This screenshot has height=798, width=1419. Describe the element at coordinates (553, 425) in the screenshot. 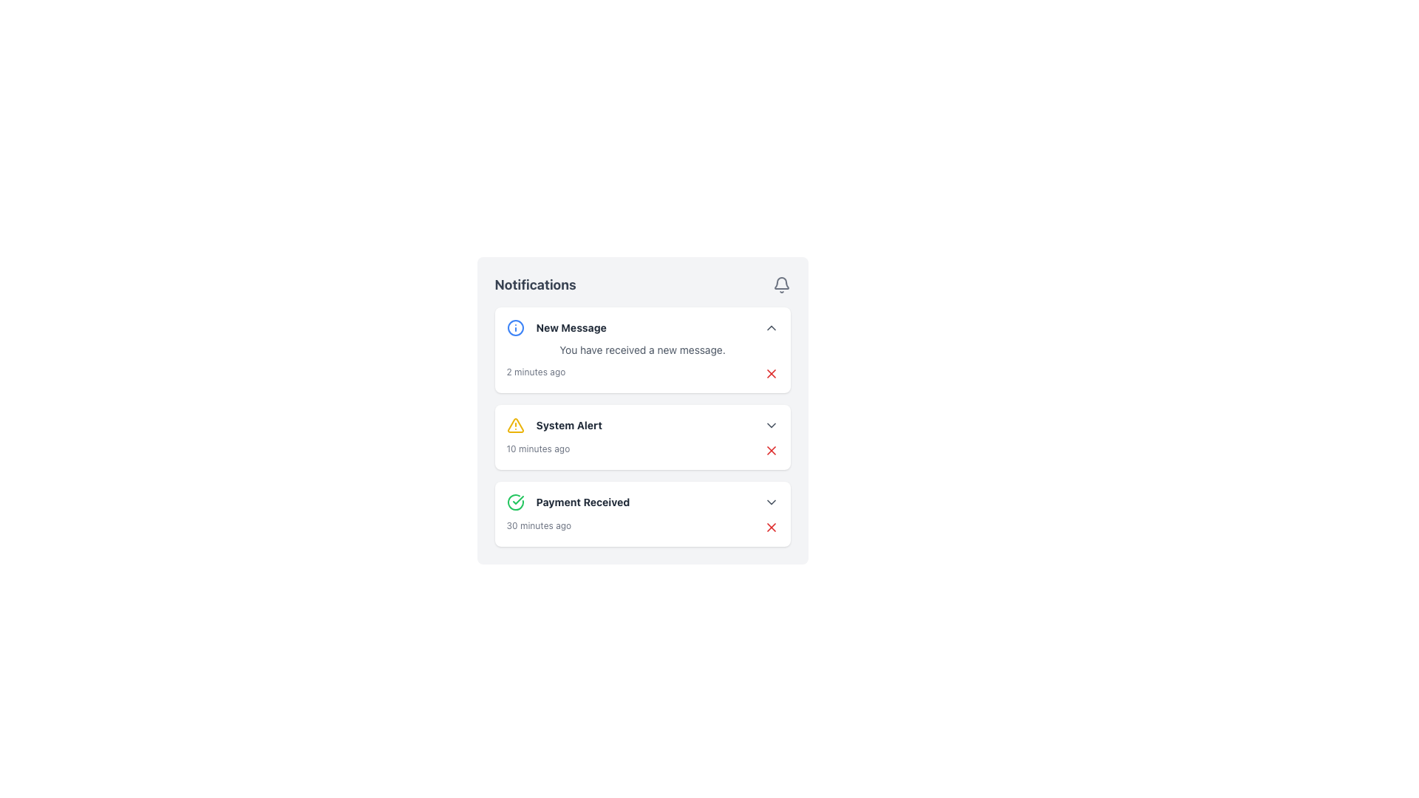

I see `the second notification item in the notification panel` at that location.